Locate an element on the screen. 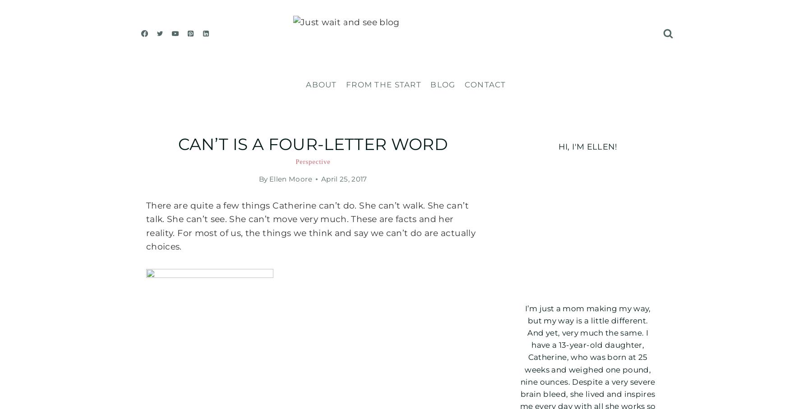  'Ellen Moore' is located at coordinates (269, 178).